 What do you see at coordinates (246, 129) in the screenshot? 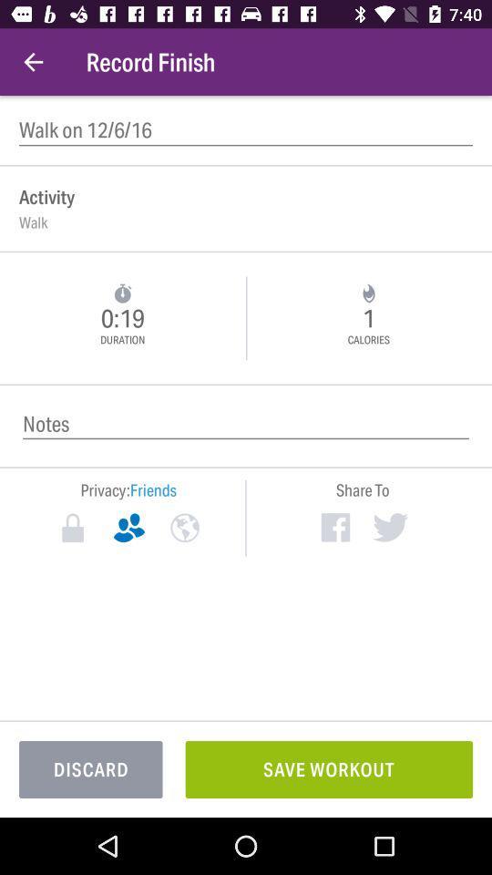
I see `workout name` at bounding box center [246, 129].